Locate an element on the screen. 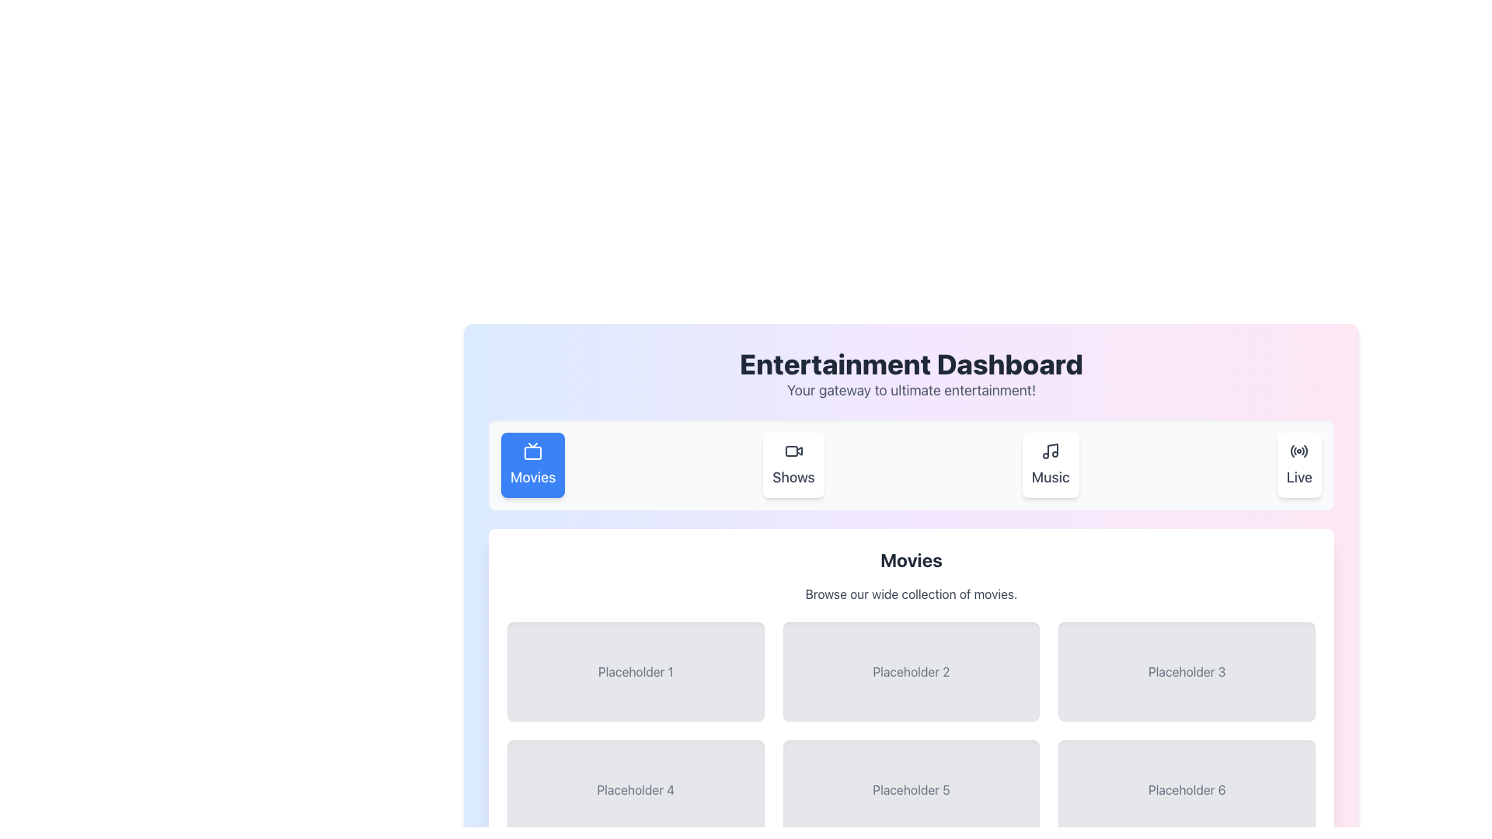 This screenshot has height=839, width=1492. the second static placeholder component in the grid layout, which serves as an interactive or informational content area is located at coordinates (911, 670).